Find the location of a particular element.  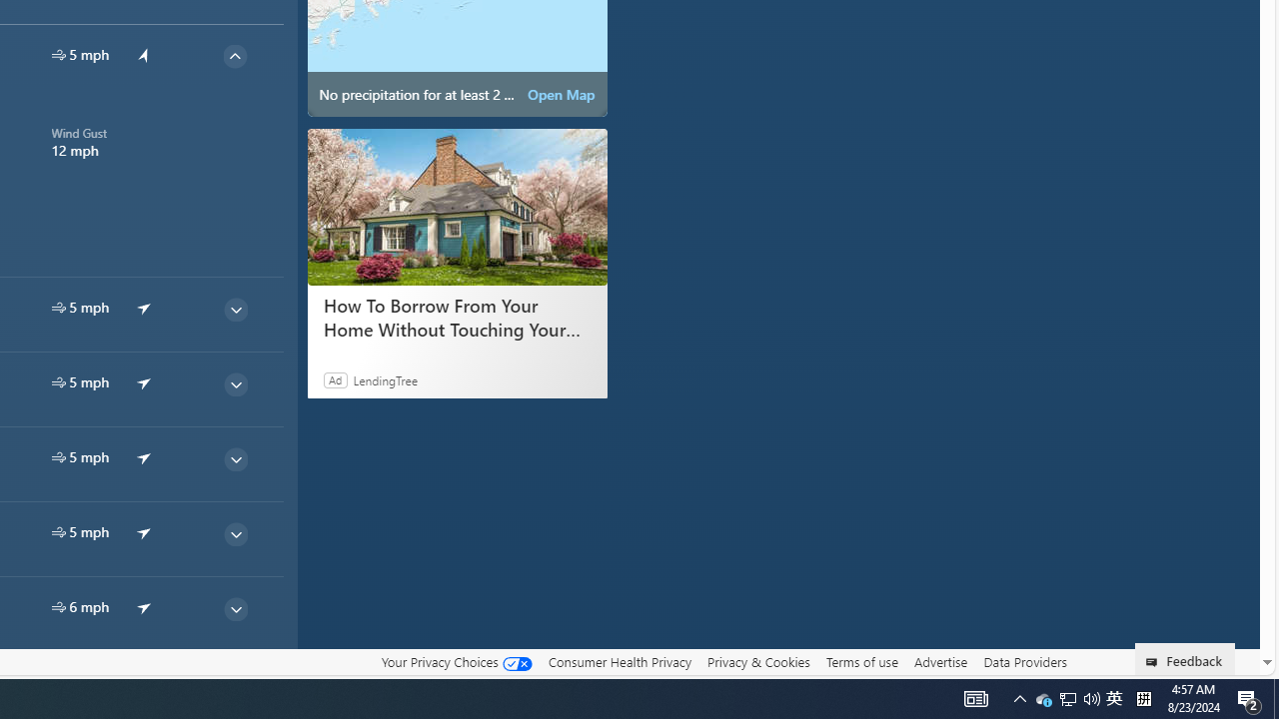

'Privacy & Cookies' is located at coordinates (757, 661).